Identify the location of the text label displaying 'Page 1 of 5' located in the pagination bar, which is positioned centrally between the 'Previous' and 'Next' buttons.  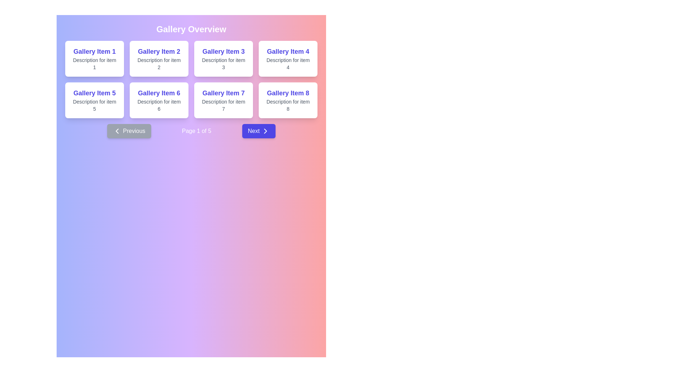
(196, 131).